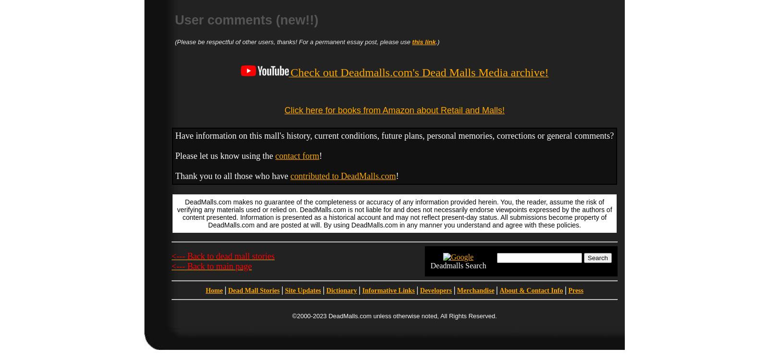  What do you see at coordinates (244, 41) in the screenshot?
I see `'(Please be respectful of other users, thanks!
For a'` at bounding box center [244, 41].